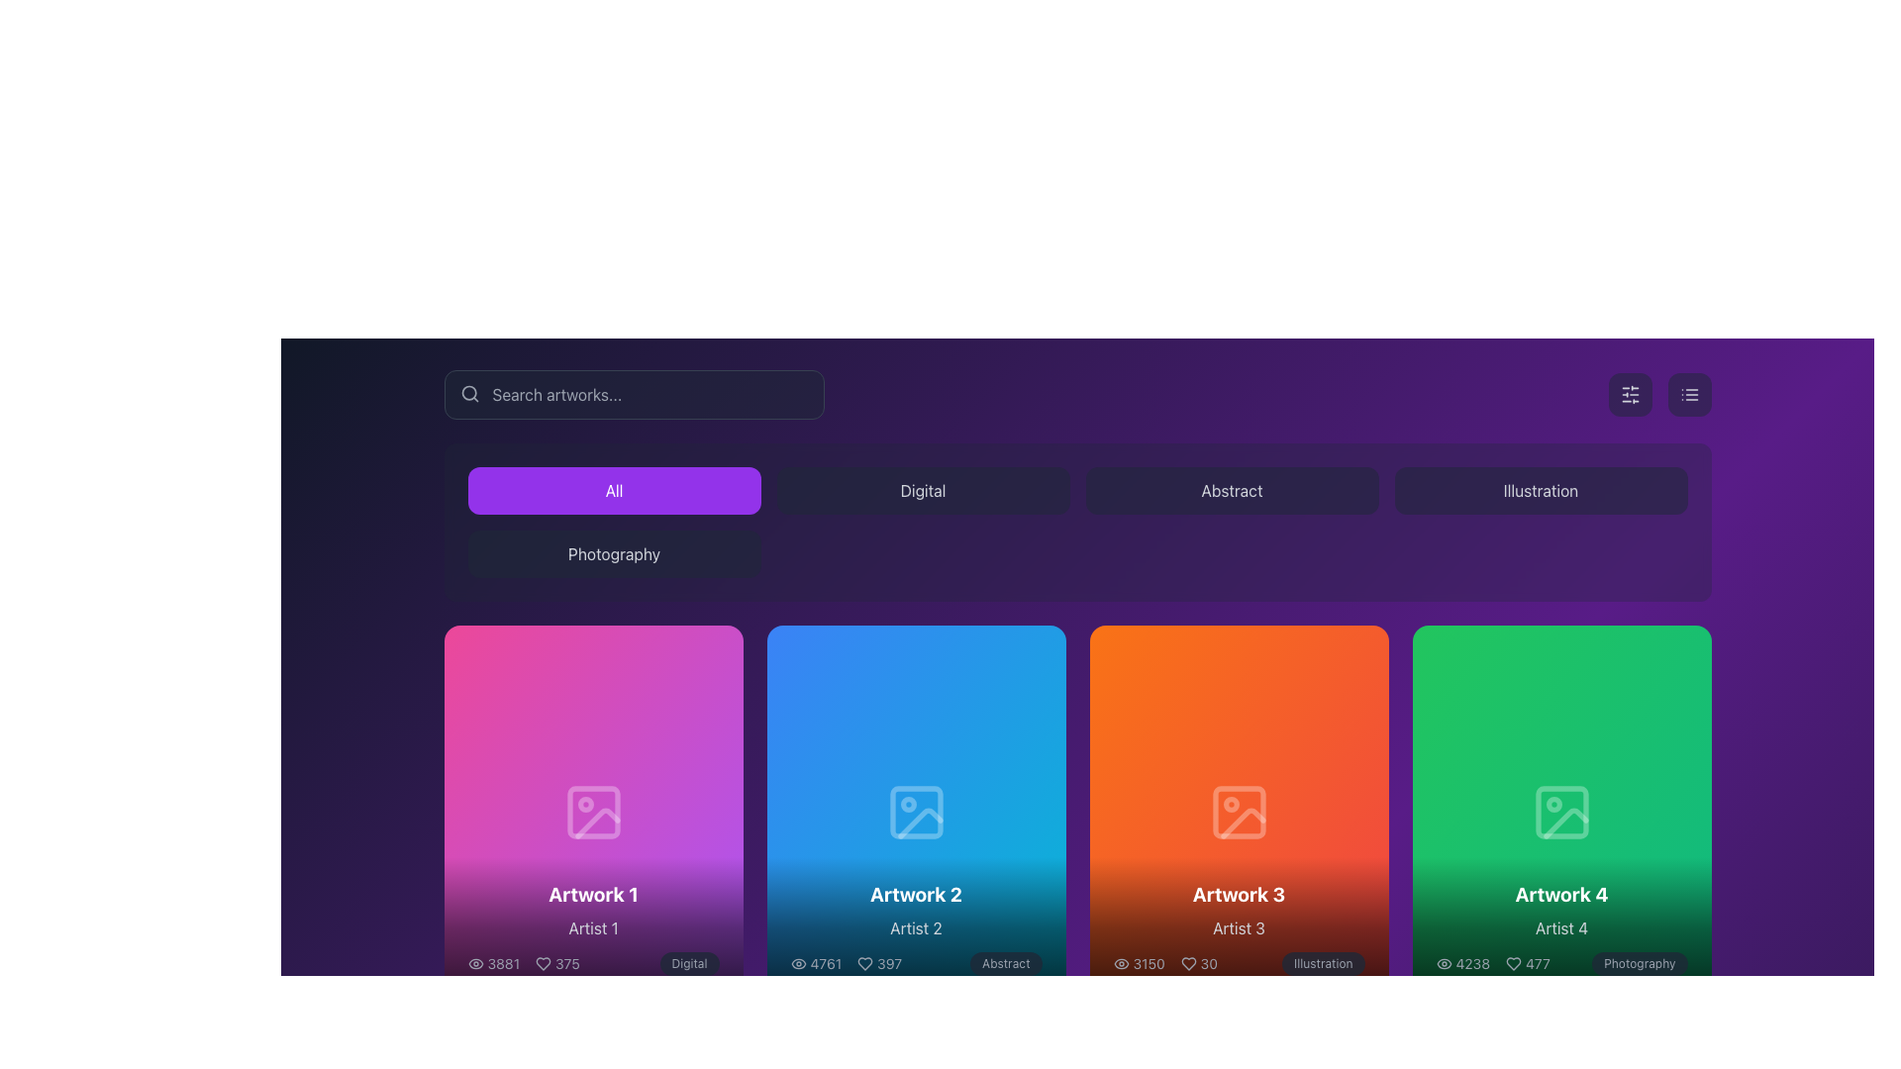  I want to click on the second button in the top-right corner of the interface, so click(1688, 394).